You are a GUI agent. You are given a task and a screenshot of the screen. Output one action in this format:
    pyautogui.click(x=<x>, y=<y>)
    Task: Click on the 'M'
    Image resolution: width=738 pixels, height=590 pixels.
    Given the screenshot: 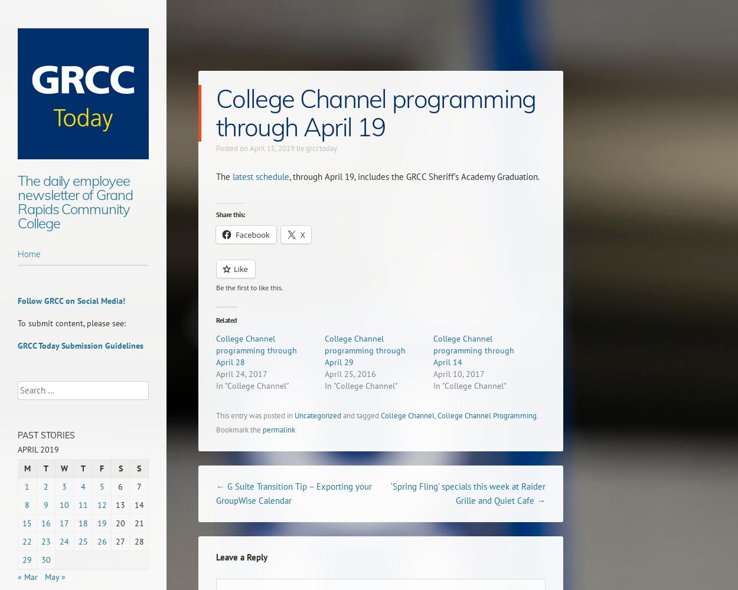 What is the action you would take?
    pyautogui.click(x=27, y=468)
    